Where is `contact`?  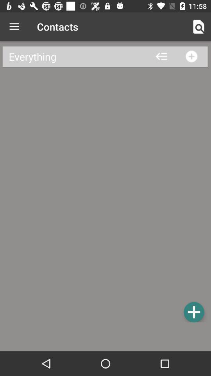
contact is located at coordinates (193, 312).